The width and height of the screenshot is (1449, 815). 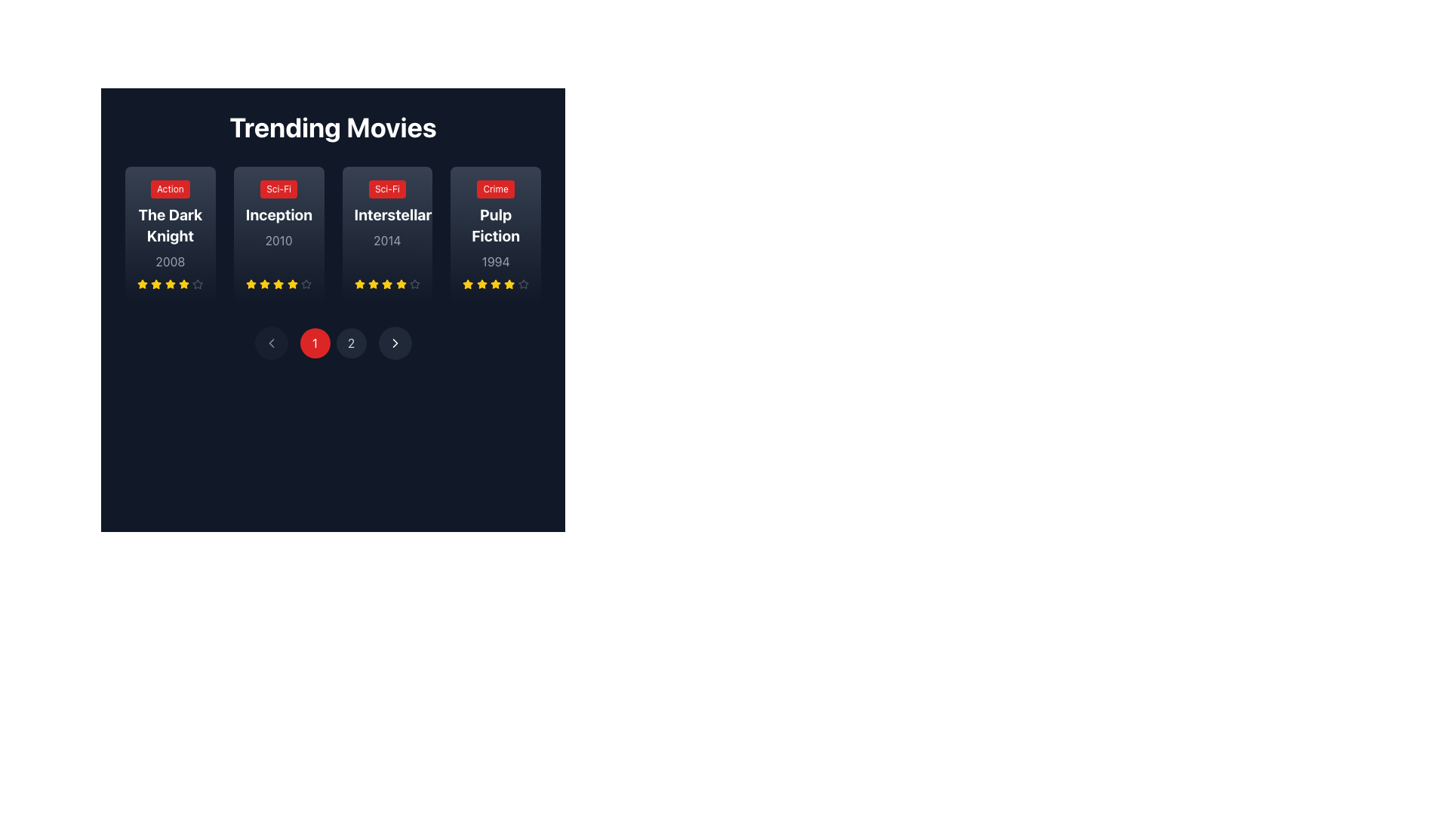 What do you see at coordinates (467, 284) in the screenshot?
I see `the first rating star icon for the movie 'Pulp Fiction', which is located in the last column of the 'Trending Movies' section` at bounding box center [467, 284].